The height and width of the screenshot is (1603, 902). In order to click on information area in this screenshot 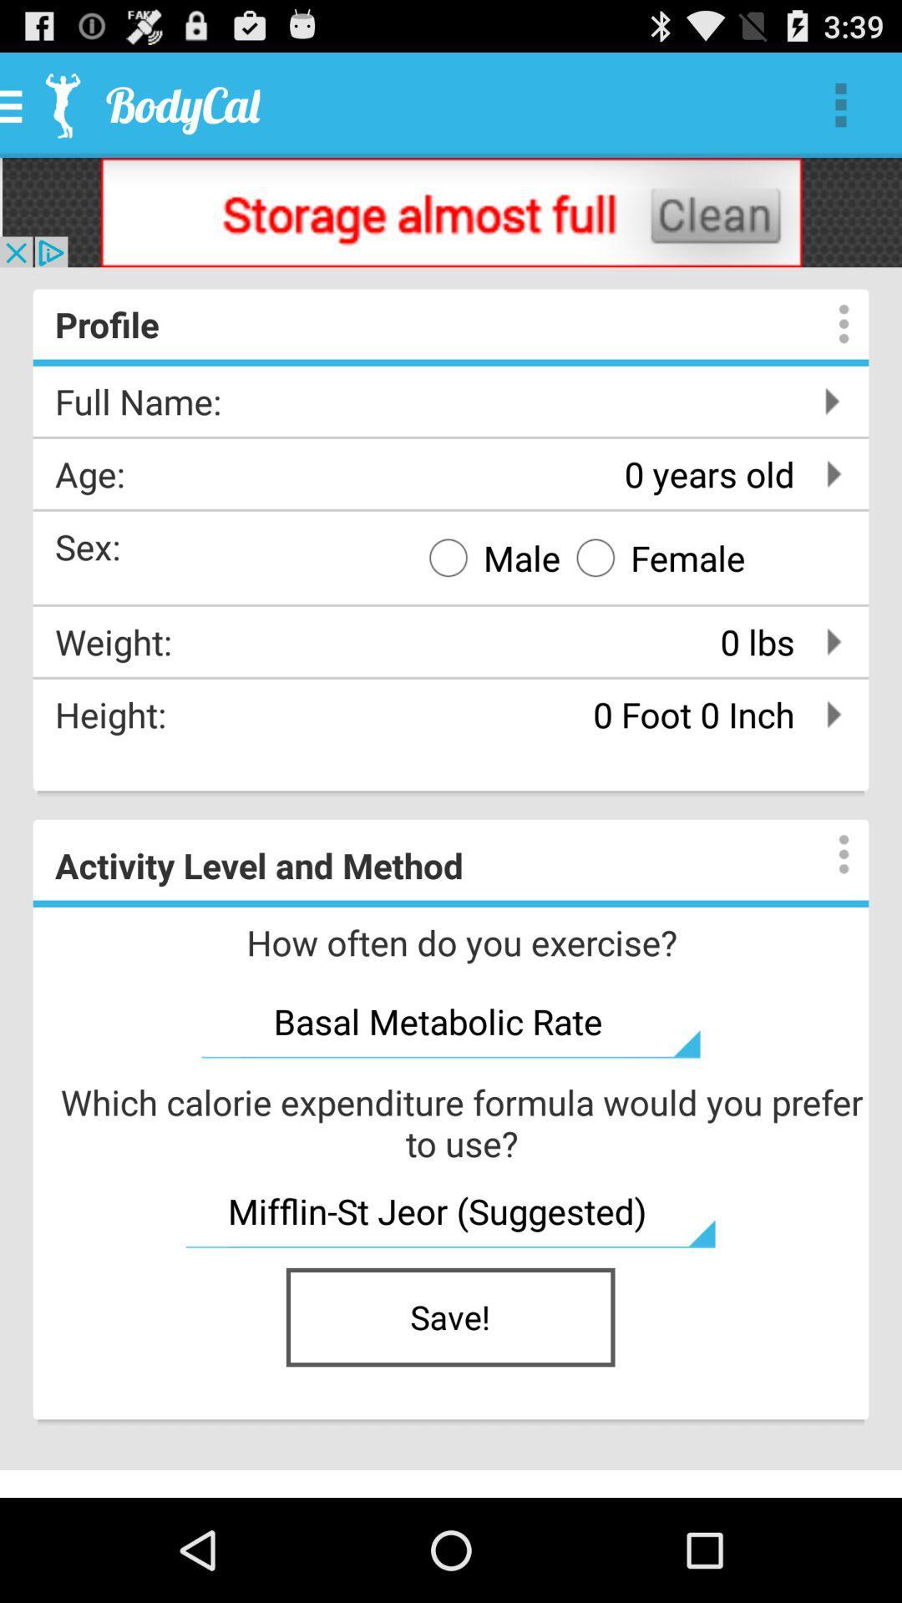, I will do `click(827, 324)`.